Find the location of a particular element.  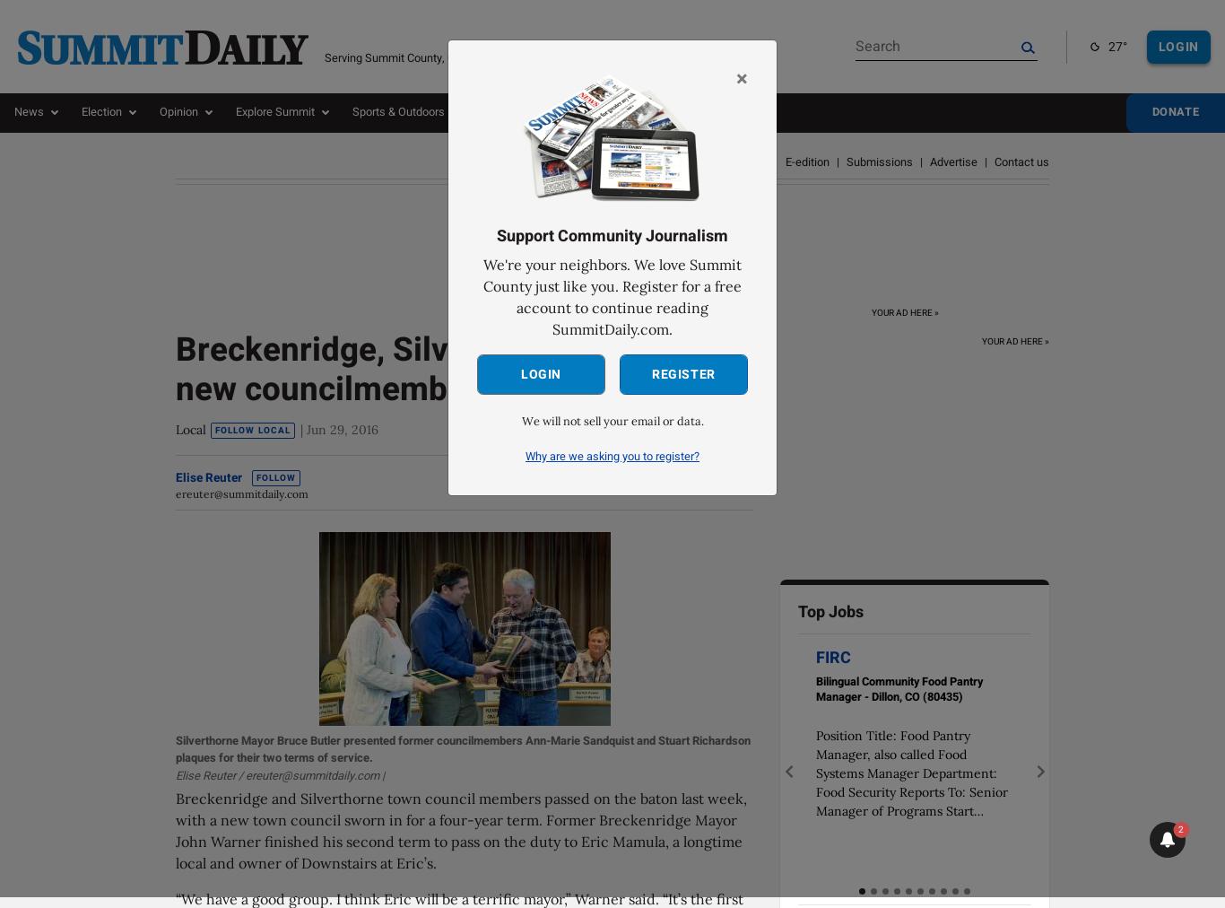

'Elise Reuter / ereuter@summitdaily.com |' is located at coordinates (280, 773).